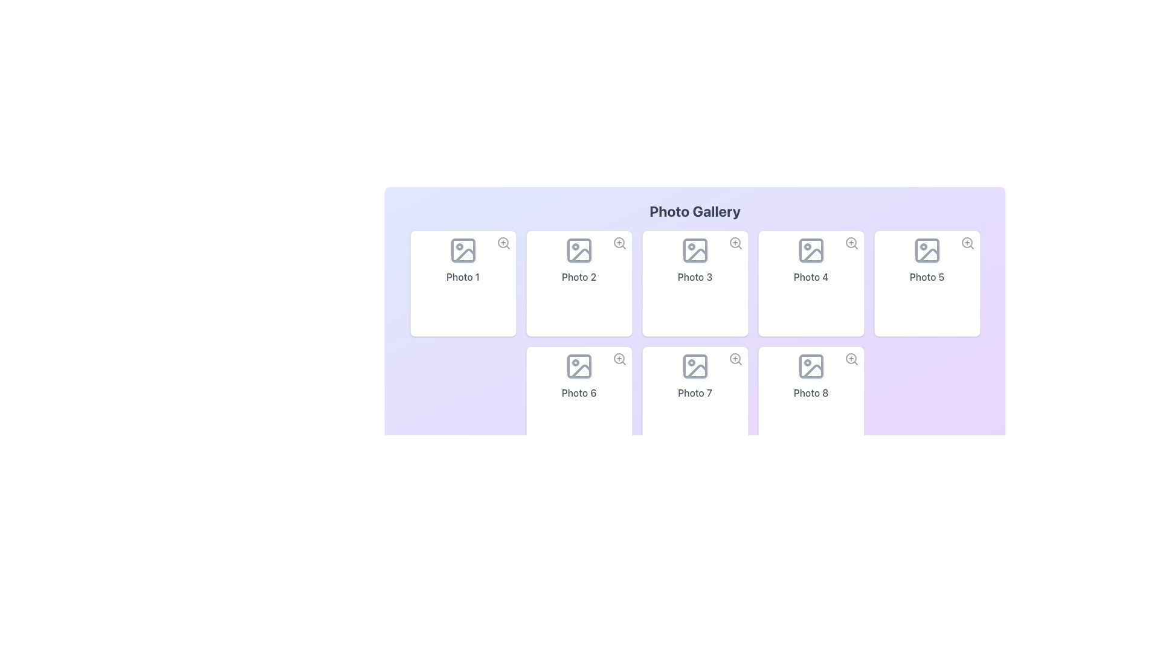 The height and width of the screenshot is (652, 1160). Describe the element at coordinates (967, 242) in the screenshot. I see `the central circular component of the magnifying glass icon located in the top-right corner of the 'Photo 5' card` at that location.